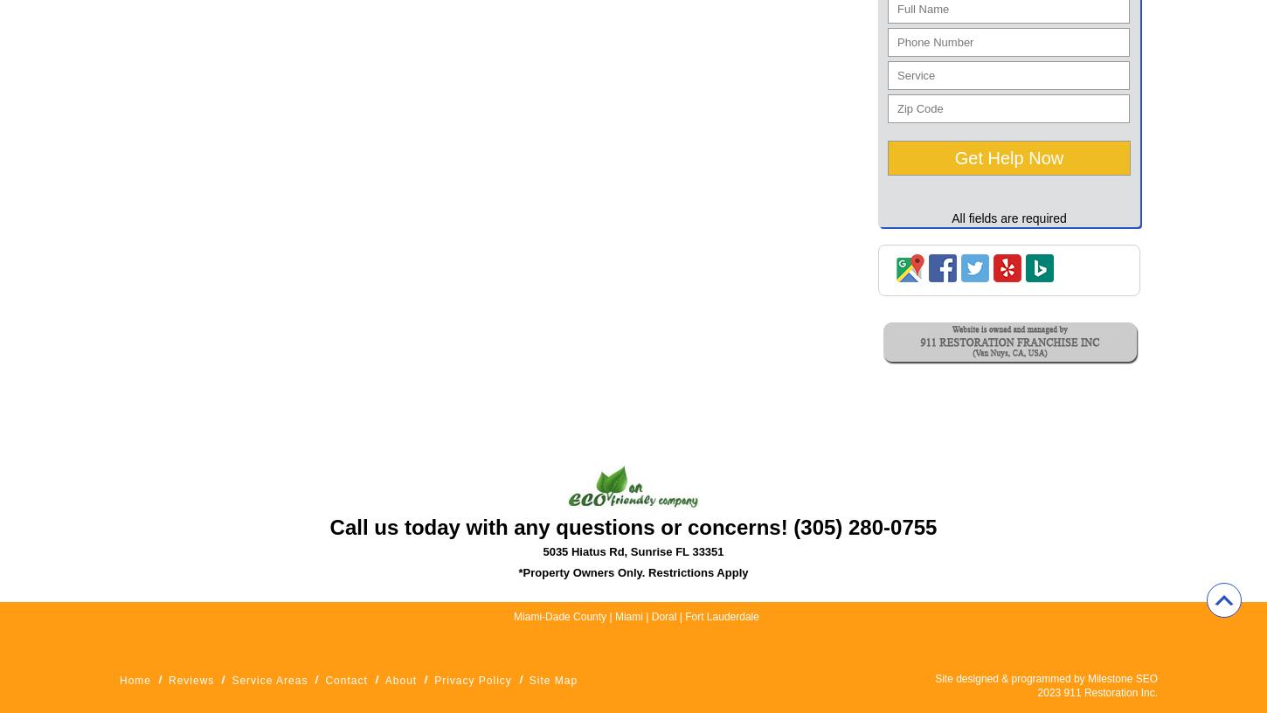  What do you see at coordinates (190, 681) in the screenshot?
I see `'Reviews'` at bounding box center [190, 681].